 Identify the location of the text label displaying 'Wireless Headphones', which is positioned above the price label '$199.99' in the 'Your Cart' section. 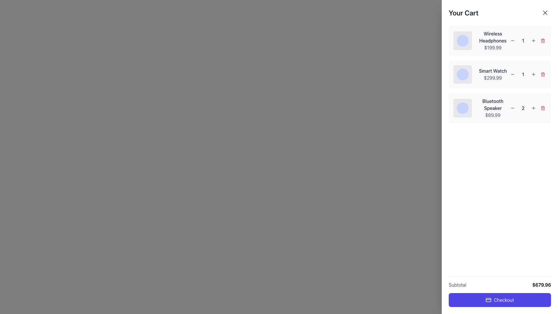
(492, 37).